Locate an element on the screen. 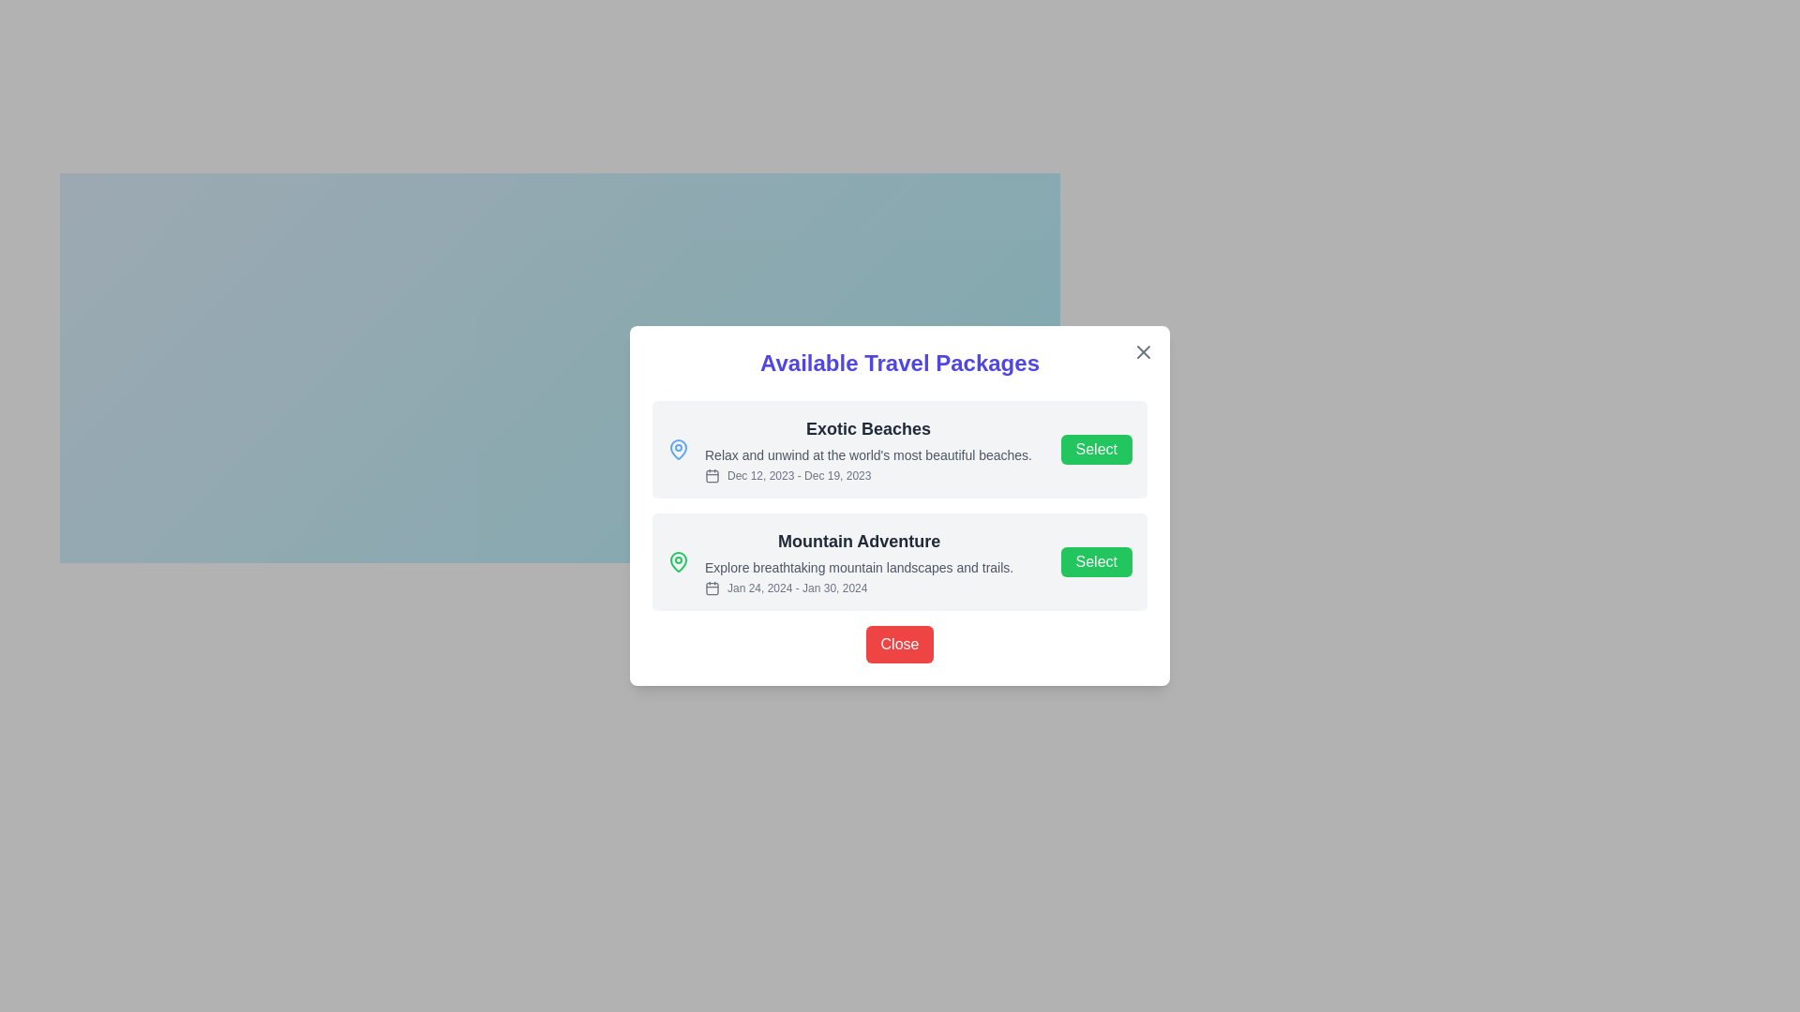  the text label indicating the date range for the travel package 'Exotic Beaches', which is positioned below the description text and to the right of the calendar icon is located at coordinates (867, 475).